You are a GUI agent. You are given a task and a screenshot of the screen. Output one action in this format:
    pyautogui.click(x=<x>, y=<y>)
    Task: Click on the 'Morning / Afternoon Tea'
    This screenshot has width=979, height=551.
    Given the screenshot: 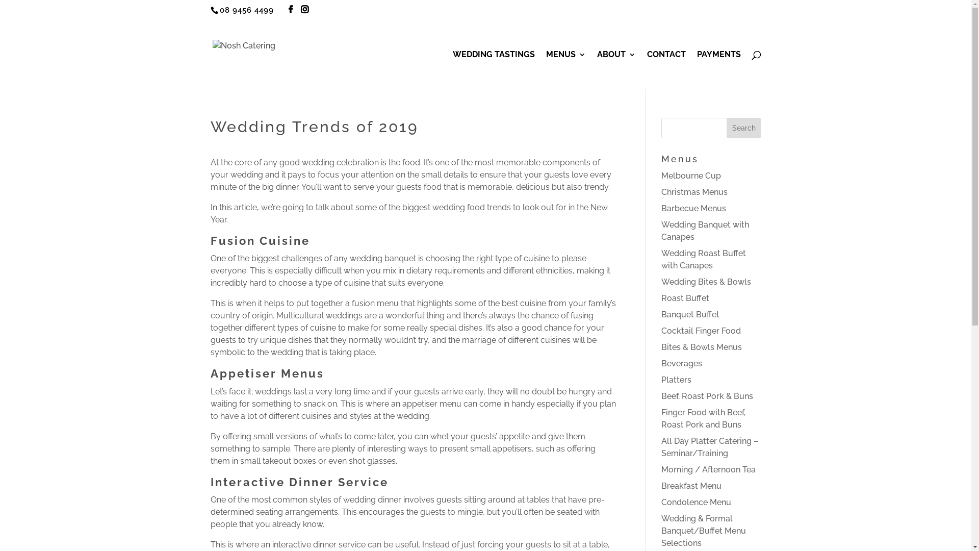 What is the action you would take?
    pyautogui.click(x=708, y=469)
    